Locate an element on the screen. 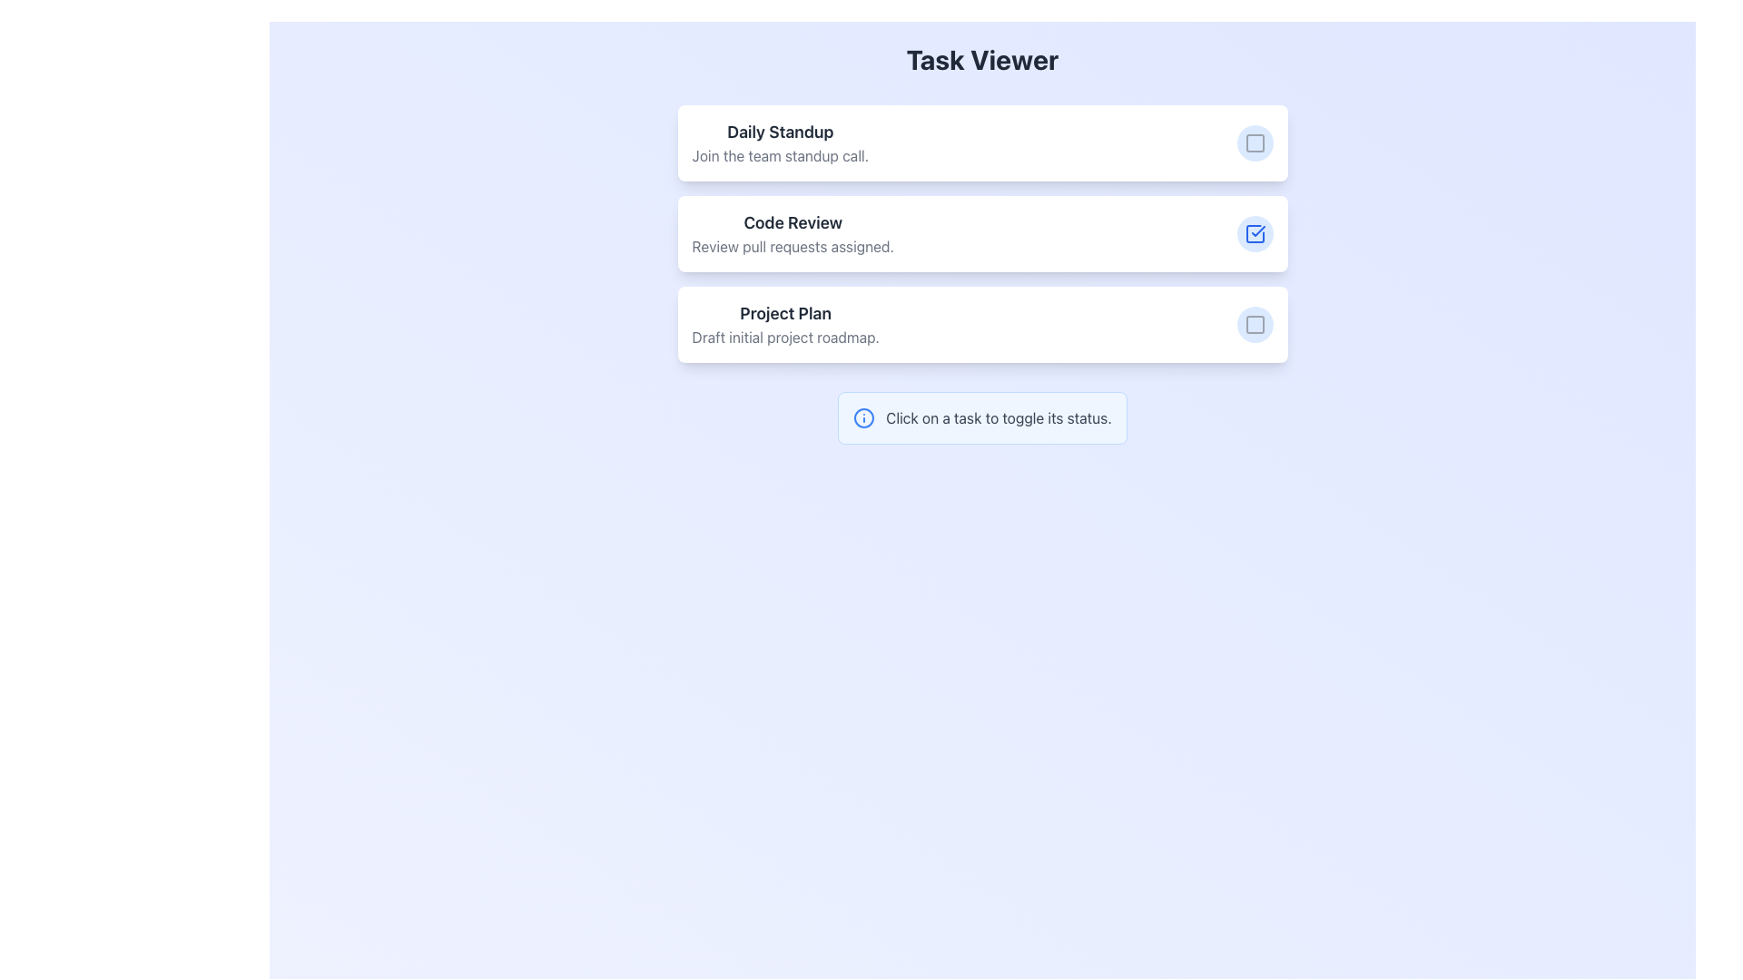 This screenshot has height=980, width=1743. the button located at the right side of the 'Daily Standup' card is located at coordinates (1254, 142).